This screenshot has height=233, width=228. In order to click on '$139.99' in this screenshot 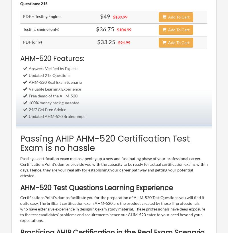, I will do `click(120, 16)`.